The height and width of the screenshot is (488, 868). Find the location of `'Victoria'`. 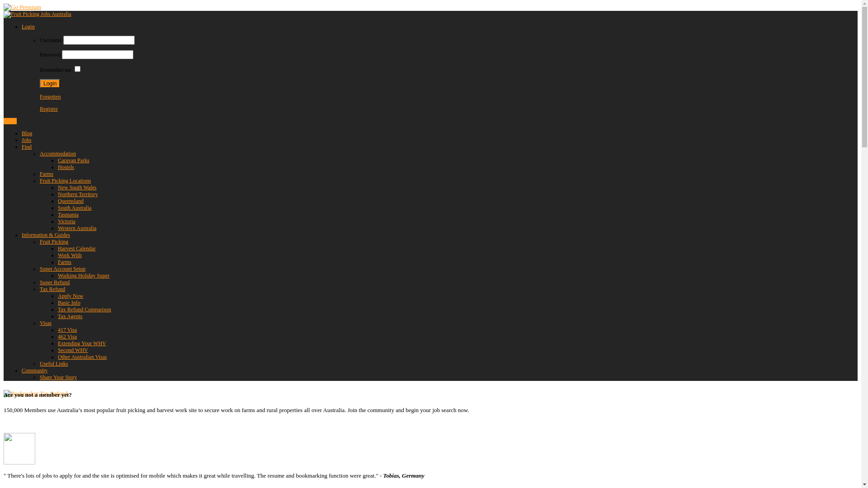

'Victoria' is located at coordinates (66, 221).